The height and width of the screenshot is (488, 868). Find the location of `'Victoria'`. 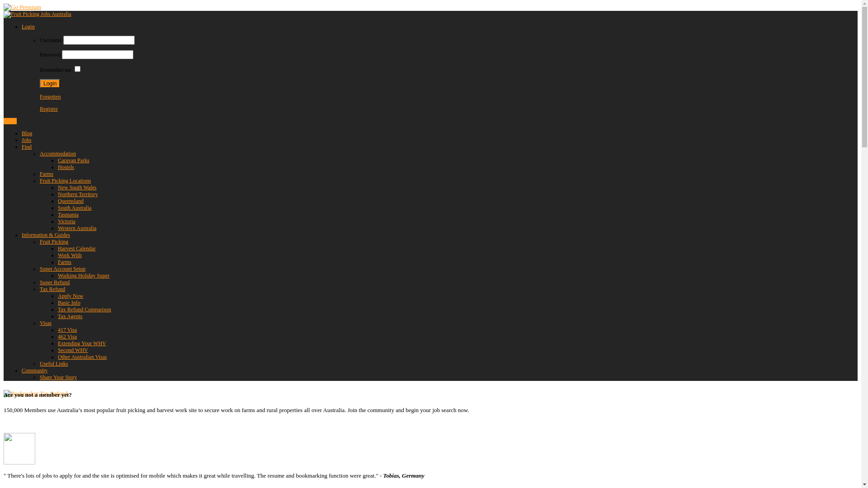

'Victoria' is located at coordinates (66, 221).